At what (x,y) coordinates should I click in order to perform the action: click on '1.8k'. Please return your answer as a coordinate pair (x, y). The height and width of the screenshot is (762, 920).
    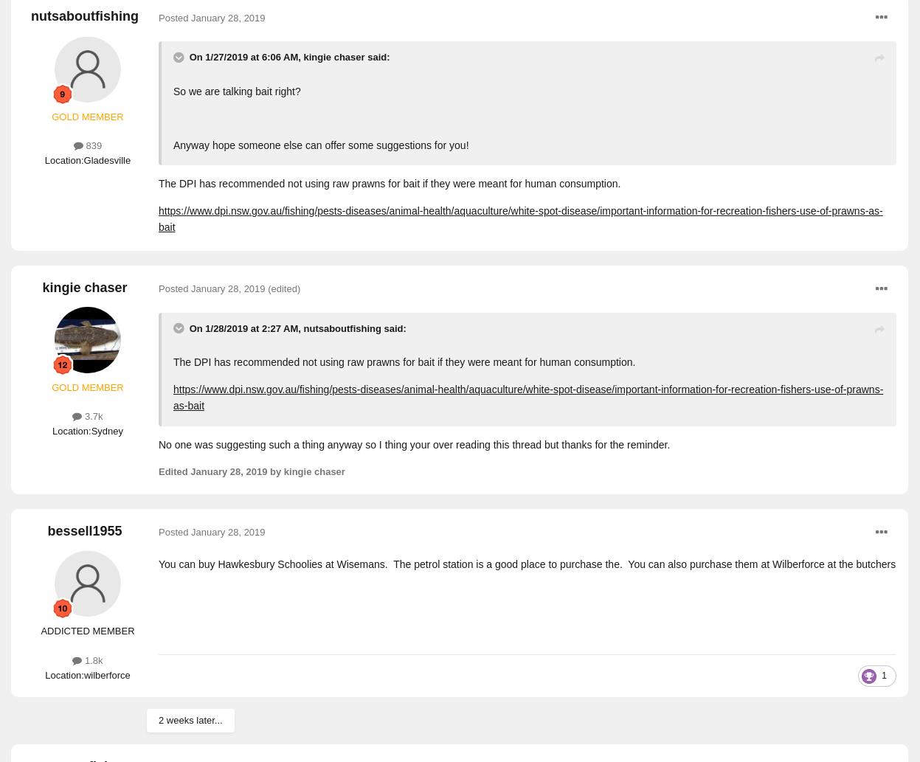
    Looking at the image, I should click on (81, 659).